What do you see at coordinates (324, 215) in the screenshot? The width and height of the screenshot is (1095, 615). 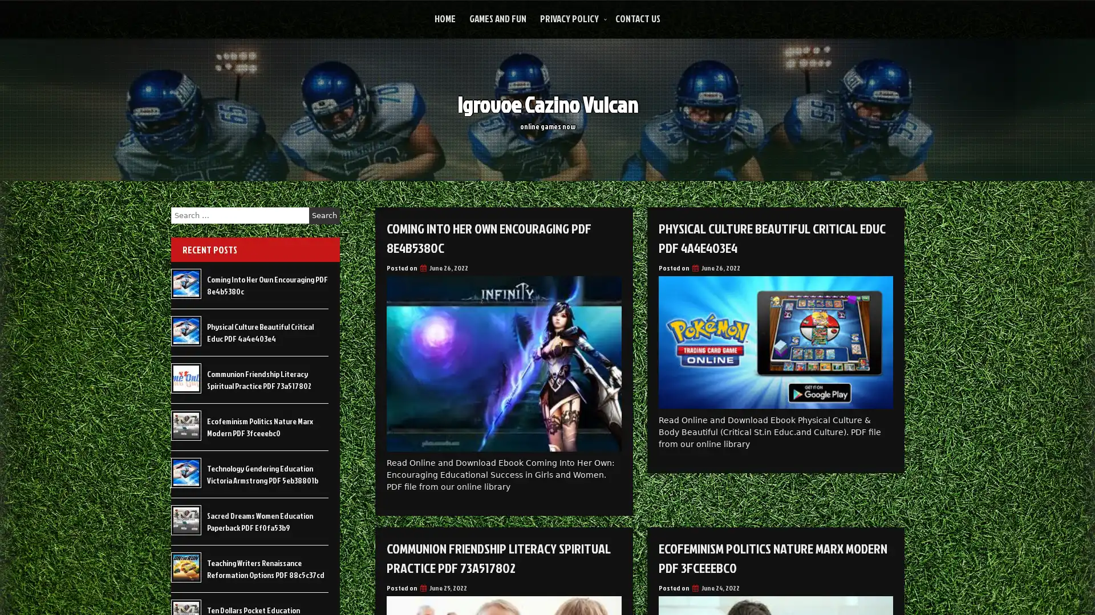 I see `Search` at bounding box center [324, 215].